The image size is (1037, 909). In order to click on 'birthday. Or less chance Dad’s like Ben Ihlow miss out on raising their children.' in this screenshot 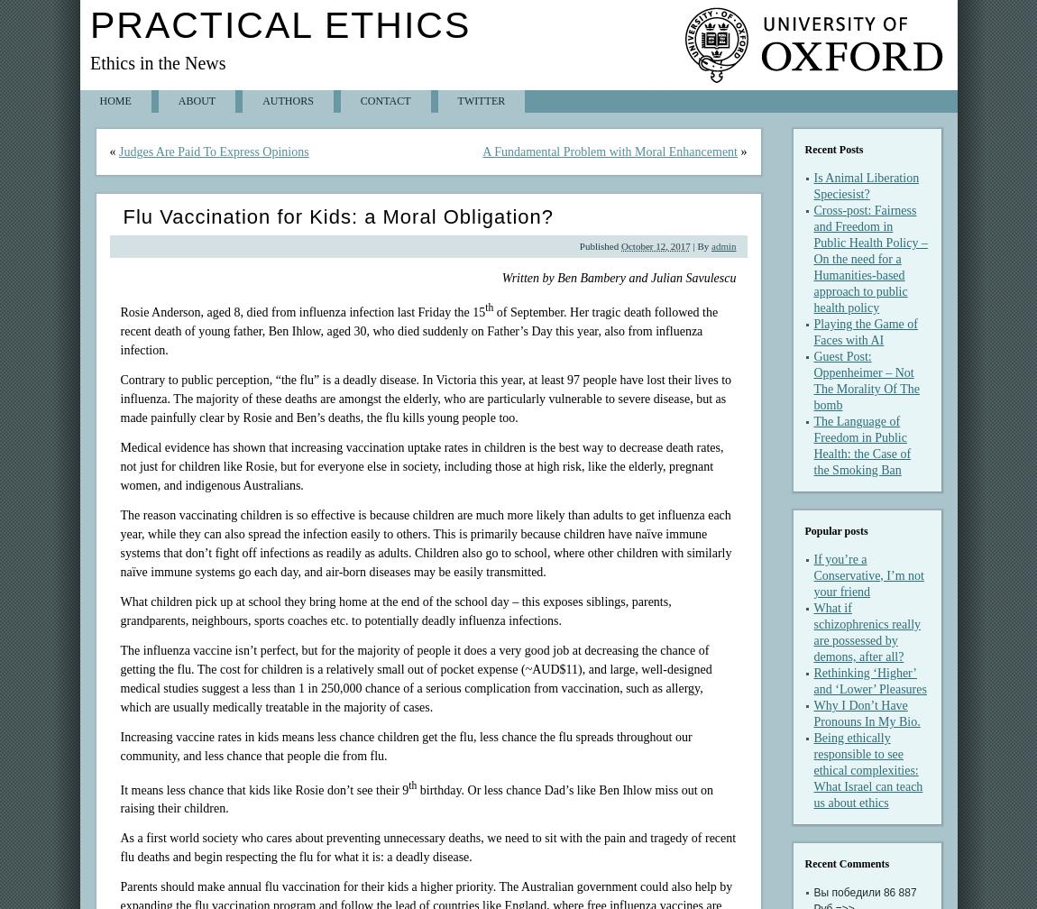, I will do `click(416, 799)`.